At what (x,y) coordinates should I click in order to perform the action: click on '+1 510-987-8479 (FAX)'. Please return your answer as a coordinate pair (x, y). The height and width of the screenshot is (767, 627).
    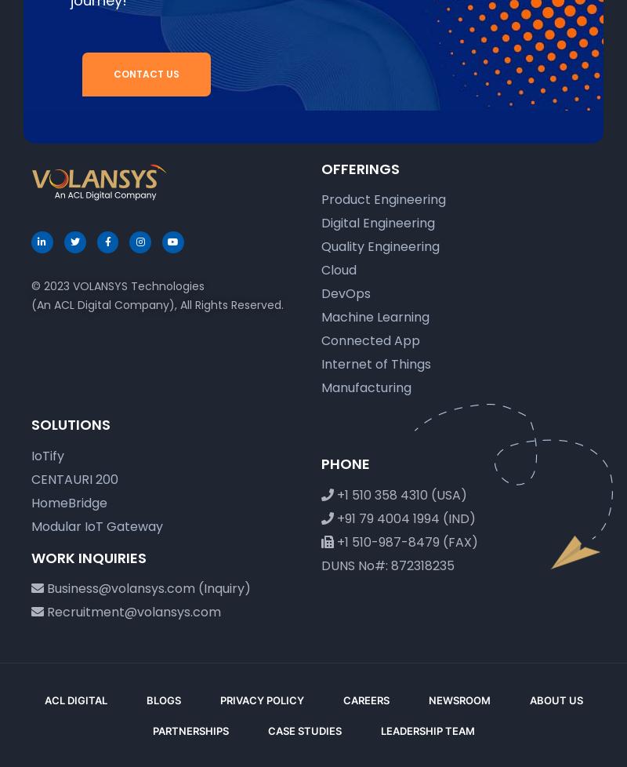
    Looking at the image, I should click on (405, 541).